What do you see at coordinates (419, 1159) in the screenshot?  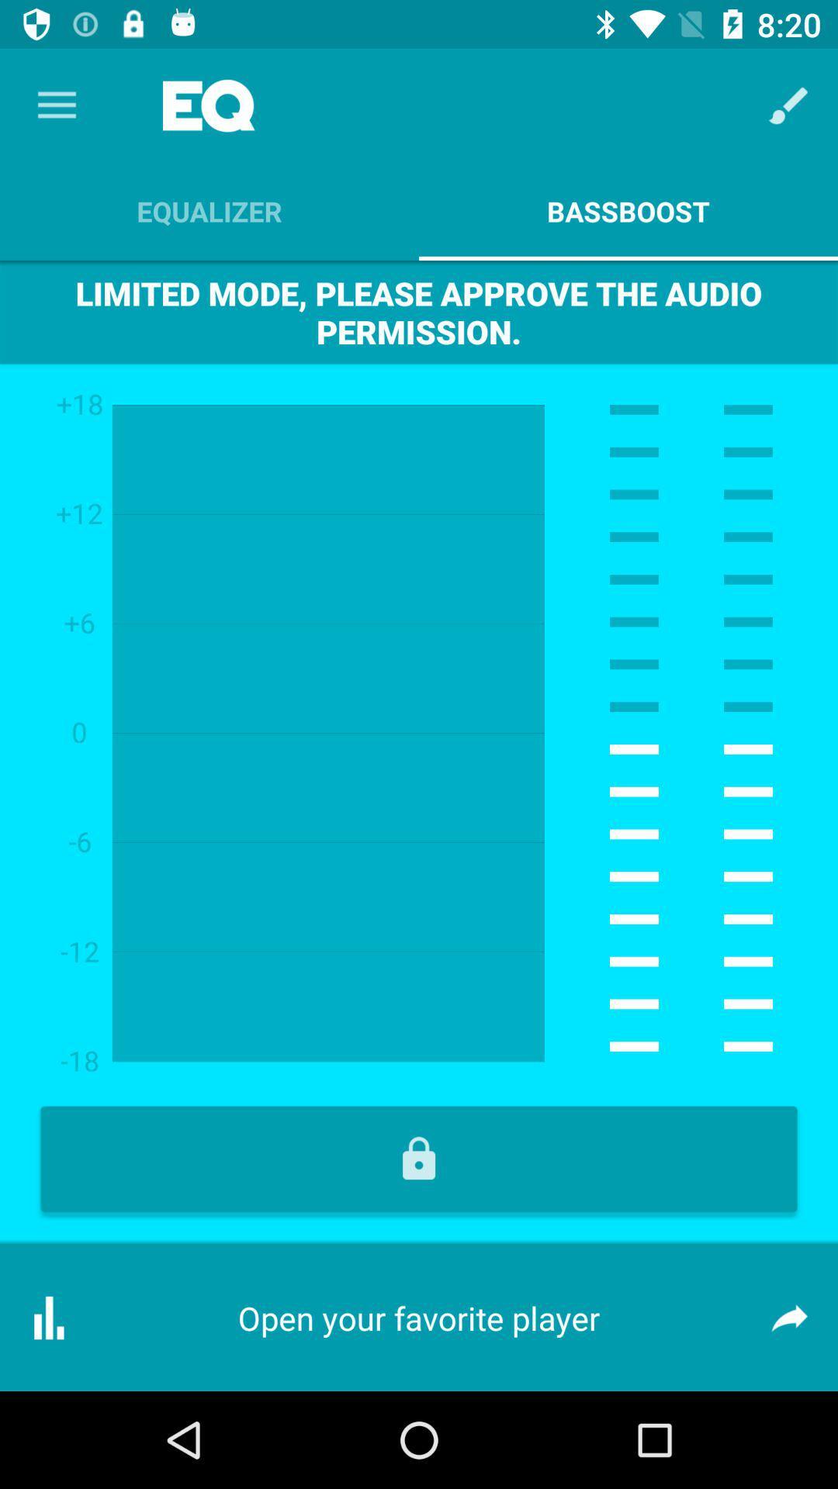 I see `open the player` at bounding box center [419, 1159].